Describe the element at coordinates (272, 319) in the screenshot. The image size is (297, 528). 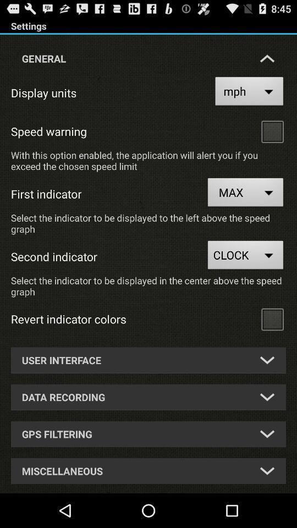
I see `shows empty box` at that location.